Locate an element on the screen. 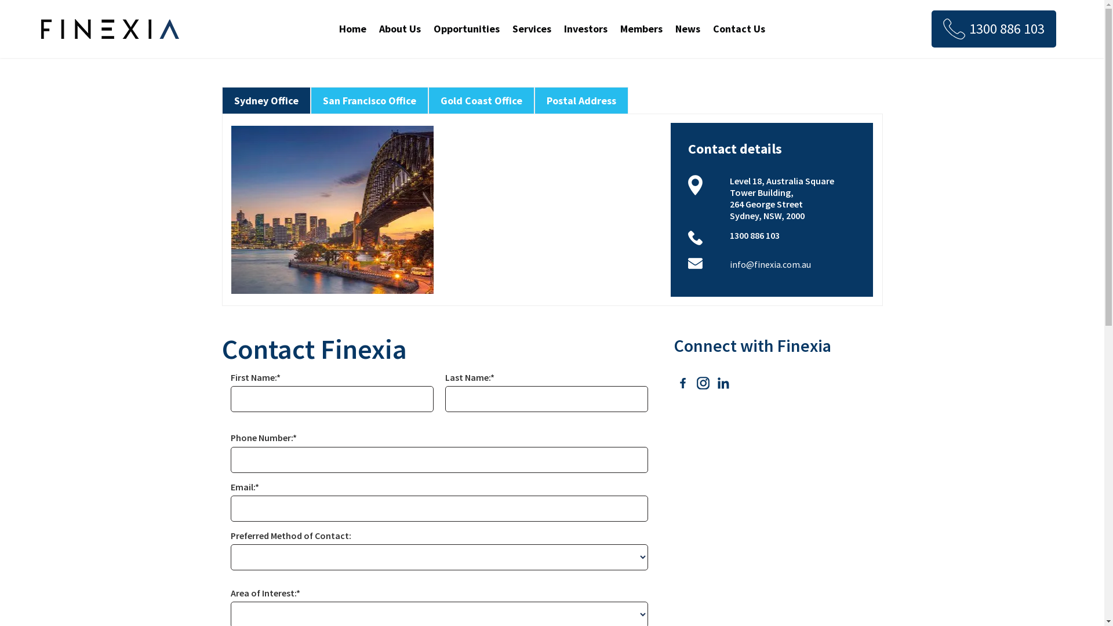  'San Francisco Office' is located at coordinates (368, 100).